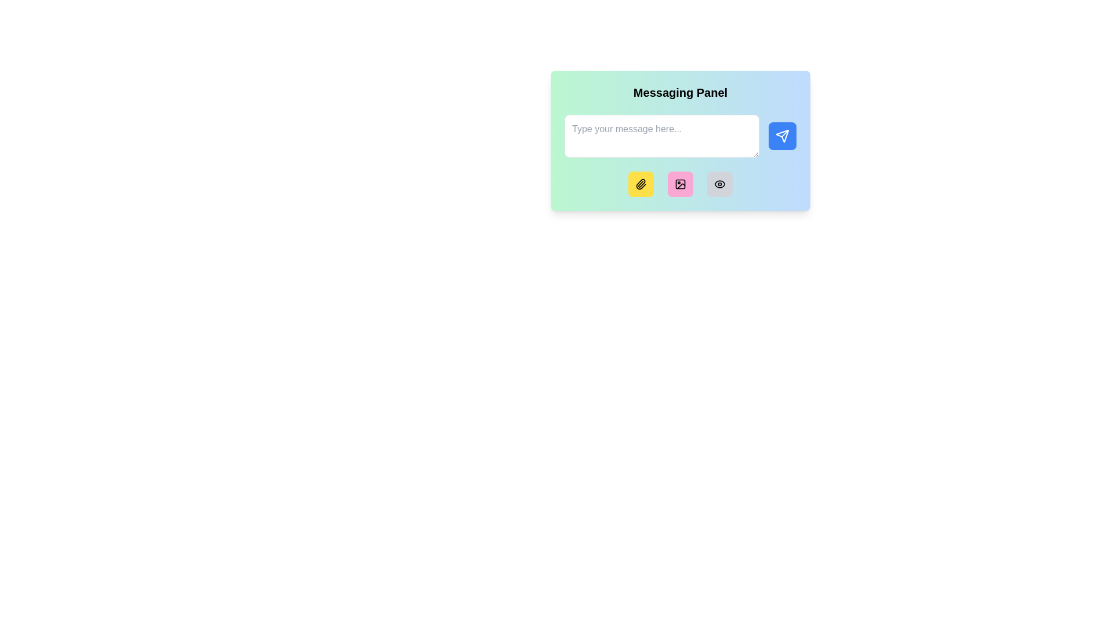 This screenshot has width=1113, height=626. Describe the element at coordinates (719, 183) in the screenshot. I see `the icon button located at the bottom-right corner of the messaging panel` at that location.